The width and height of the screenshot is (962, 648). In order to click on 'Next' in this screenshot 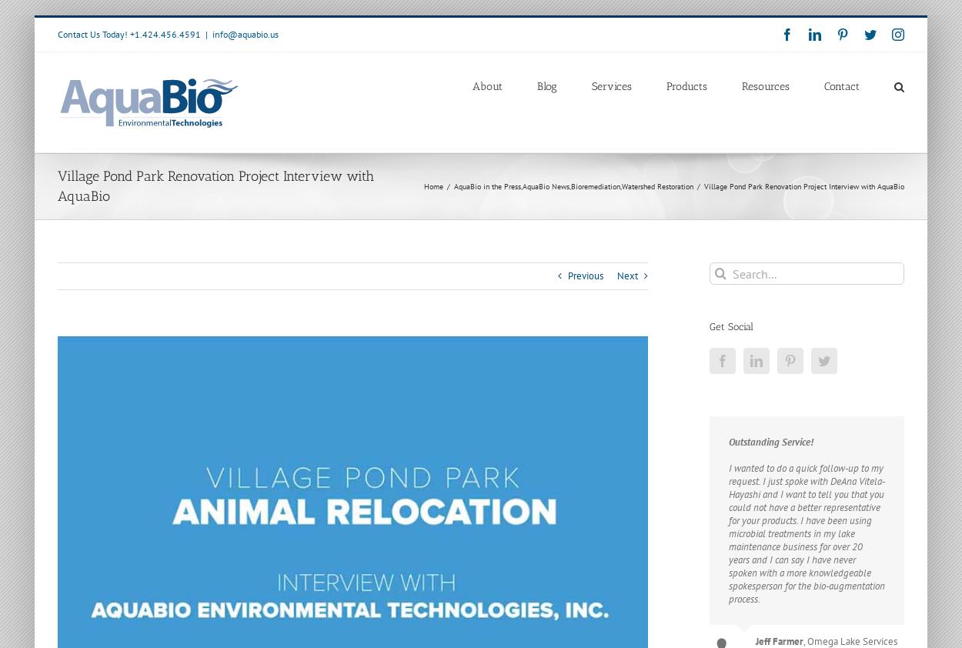, I will do `click(626, 276)`.